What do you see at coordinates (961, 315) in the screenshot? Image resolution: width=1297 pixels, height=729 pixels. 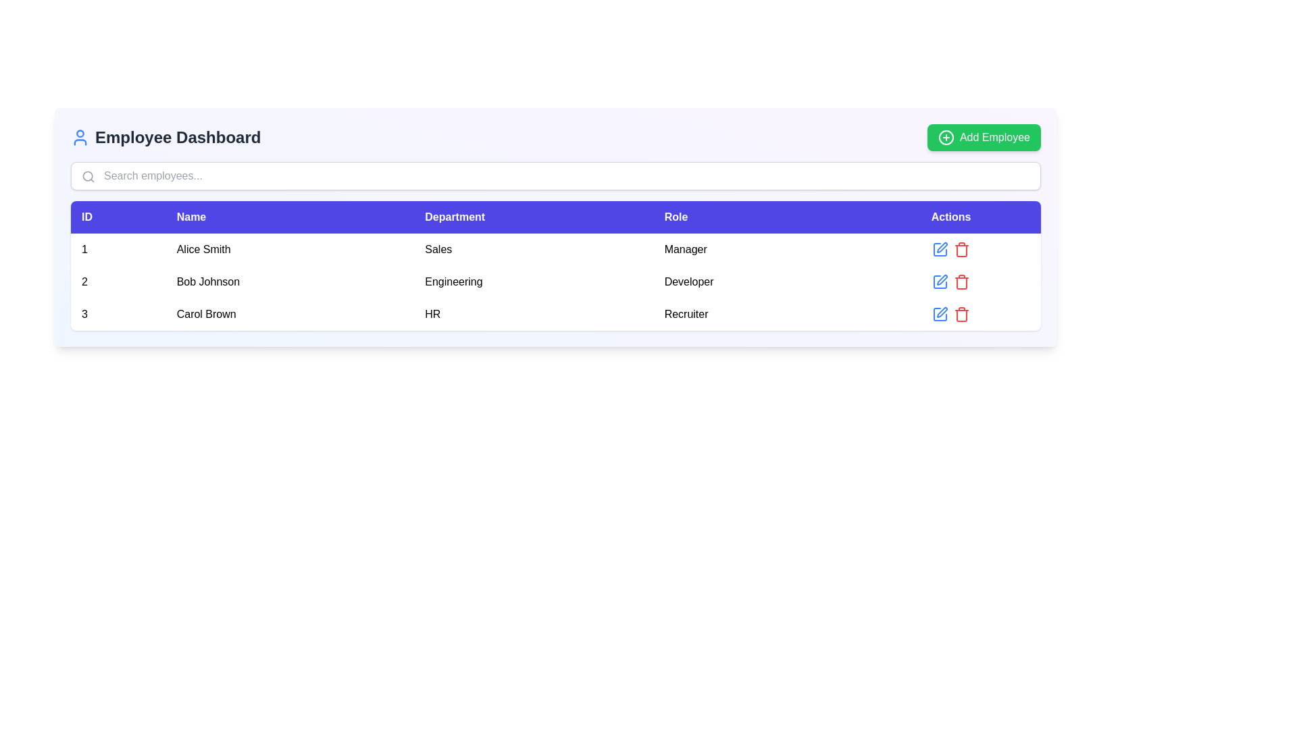 I see `the delete icon button located in the 'Actions' column of the third row in the table` at bounding box center [961, 315].